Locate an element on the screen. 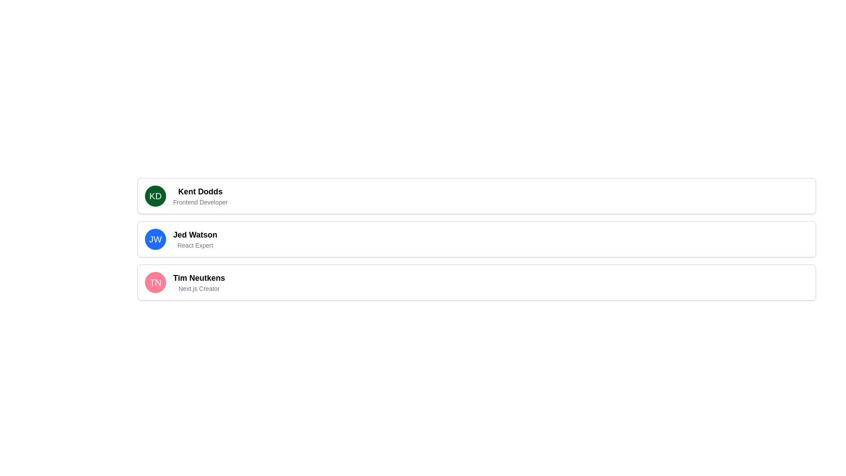  the Text Content Block displaying an individual's name and professional title, which is located to the right of an avatar with 'KD' initials in the first card of a vertically stacked list is located at coordinates (200, 195).